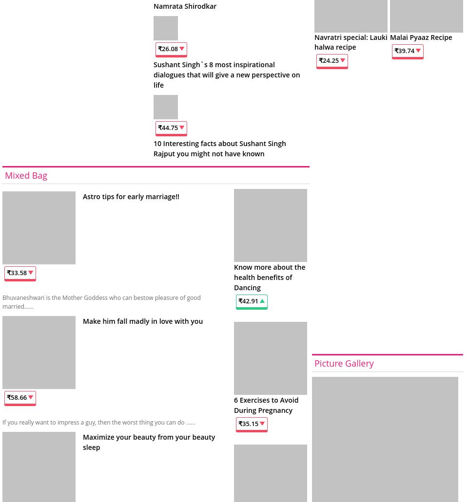 The height and width of the screenshot is (502, 468). What do you see at coordinates (250, 299) in the screenshot?
I see `'42.91'` at bounding box center [250, 299].